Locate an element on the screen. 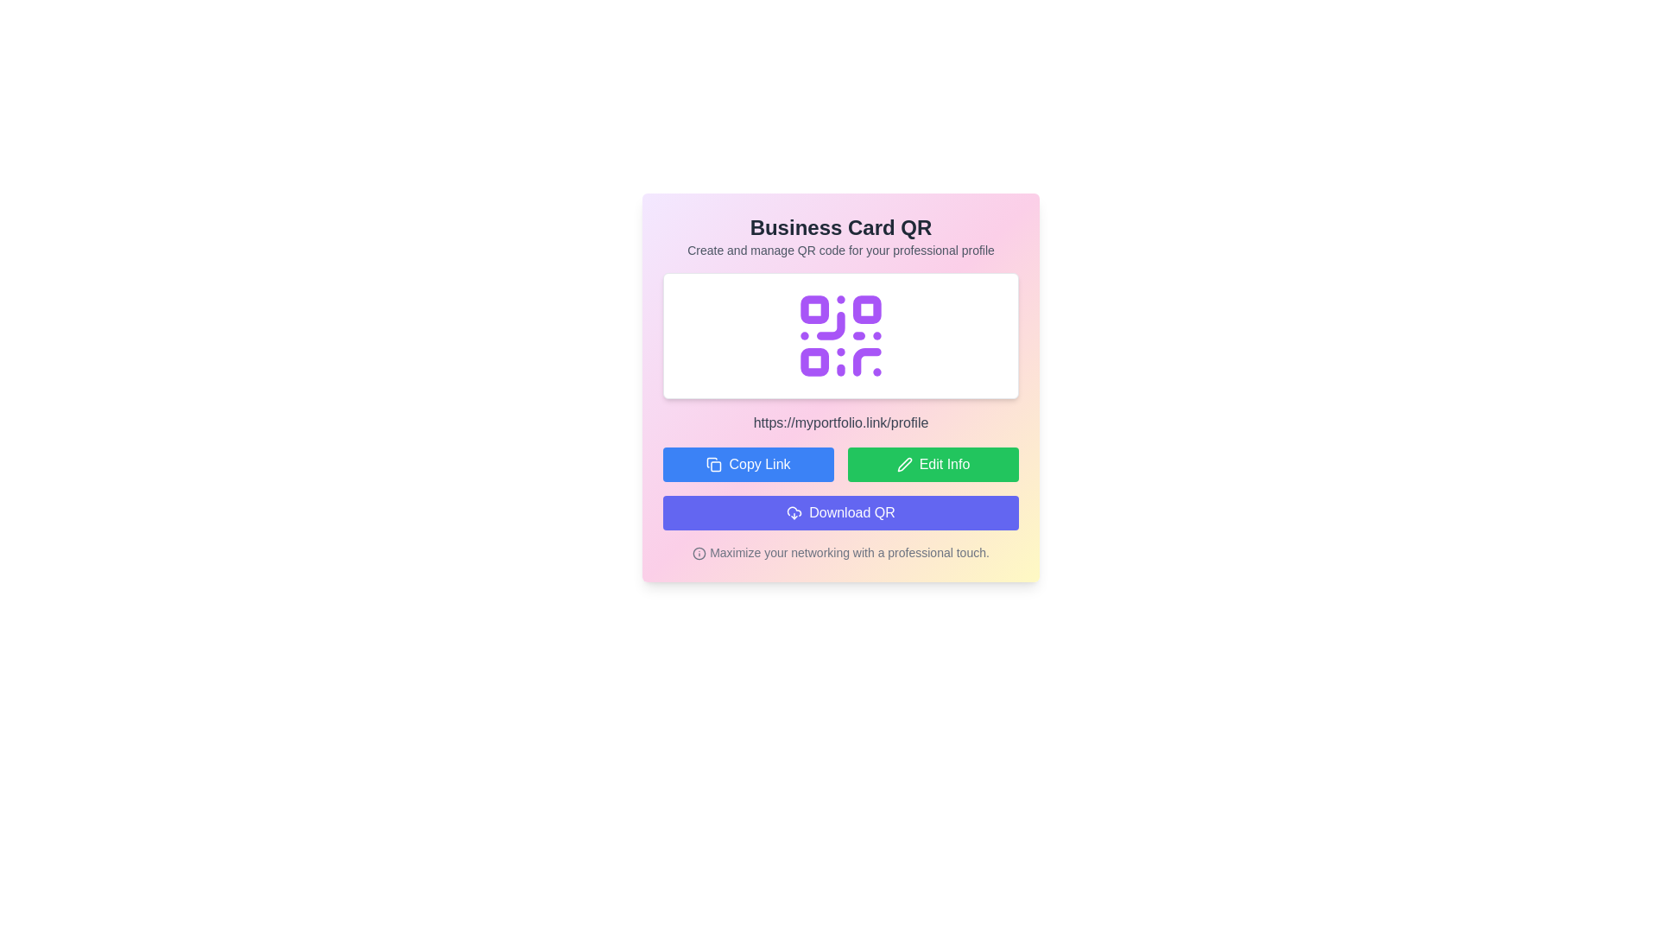  the hyperlink text 'https://myportfolio.link/profile' which is styled in gray and is positioned below the QR code graphic and above the 'Copy Link' and 'Edit Info' buttons is located at coordinates (841, 422).